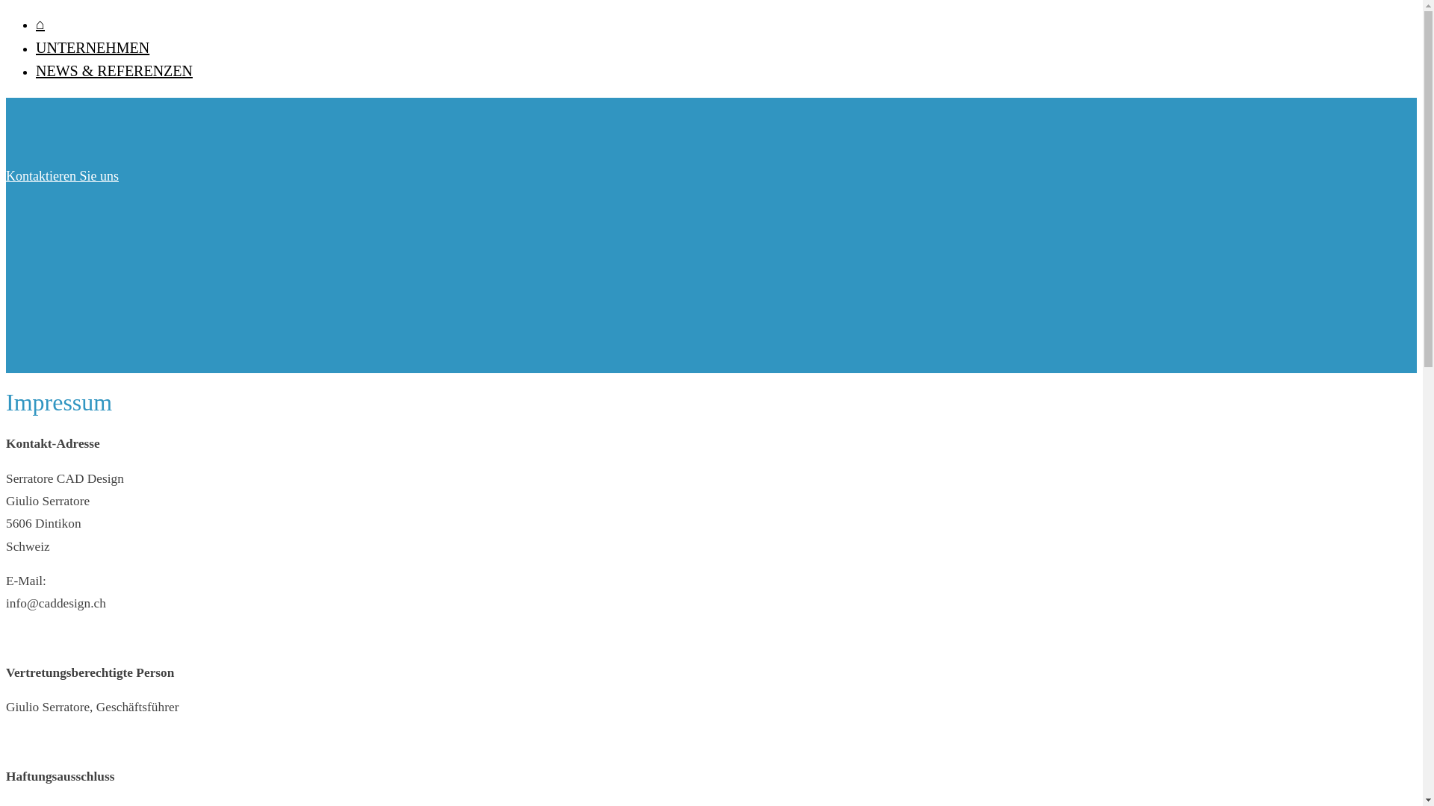 The width and height of the screenshot is (1434, 806). What do you see at coordinates (61, 175) in the screenshot?
I see `'Kontaktieren Sie uns'` at bounding box center [61, 175].